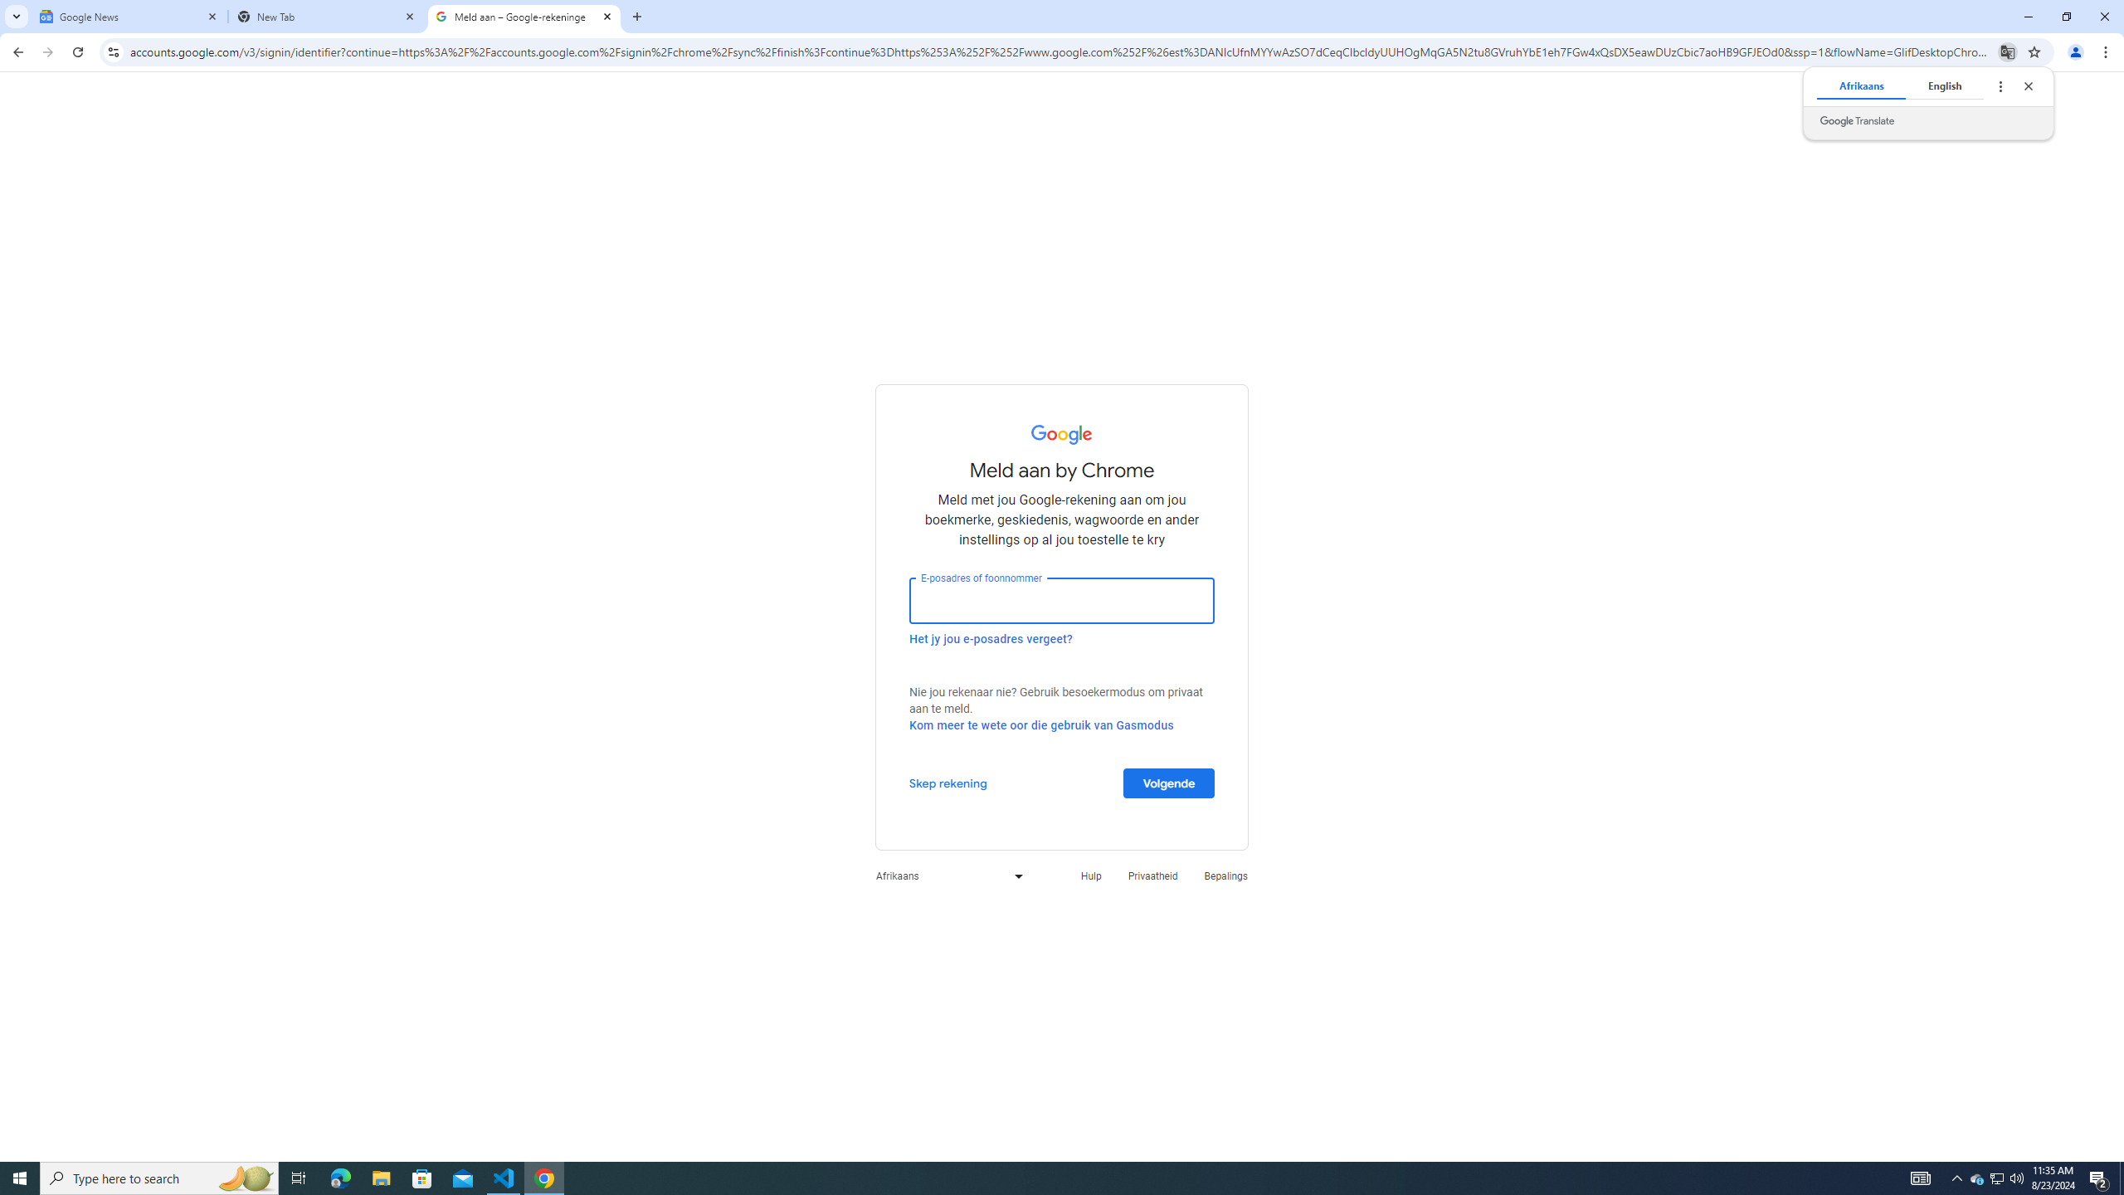 The width and height of the screenshot is (2124, 1195). What do you see at coordinates (1225, 875) in the screenshot?
I see `'Bepalings'` at bounding box center [1225, 875].